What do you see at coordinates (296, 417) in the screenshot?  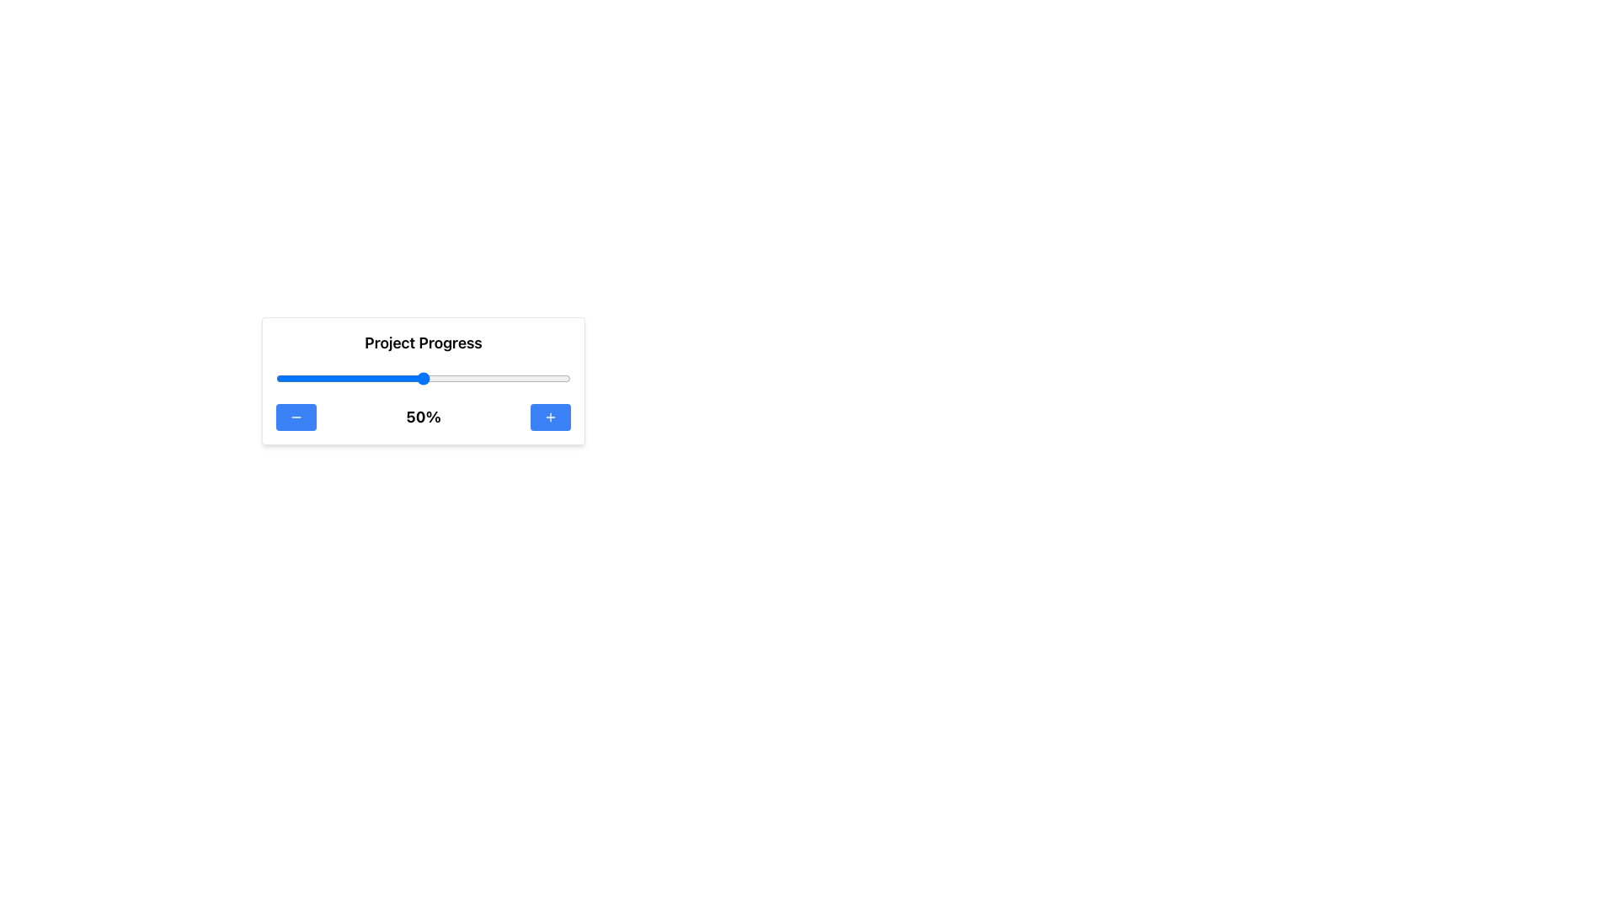 I see `the minus icon located within the left blue button below the Project Progress indicator` at bounding box center [296, 417].